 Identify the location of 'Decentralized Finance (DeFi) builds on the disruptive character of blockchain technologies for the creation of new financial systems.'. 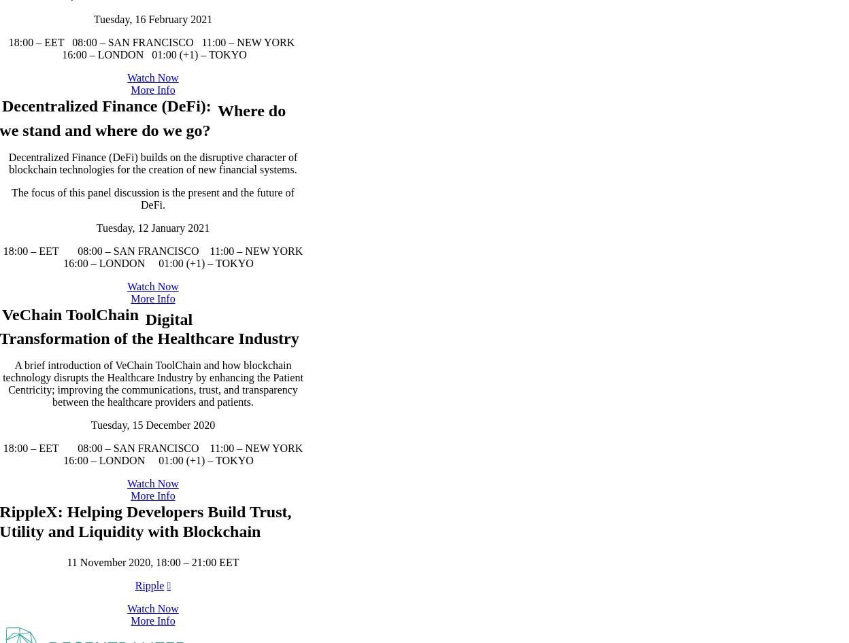
(152, 299).